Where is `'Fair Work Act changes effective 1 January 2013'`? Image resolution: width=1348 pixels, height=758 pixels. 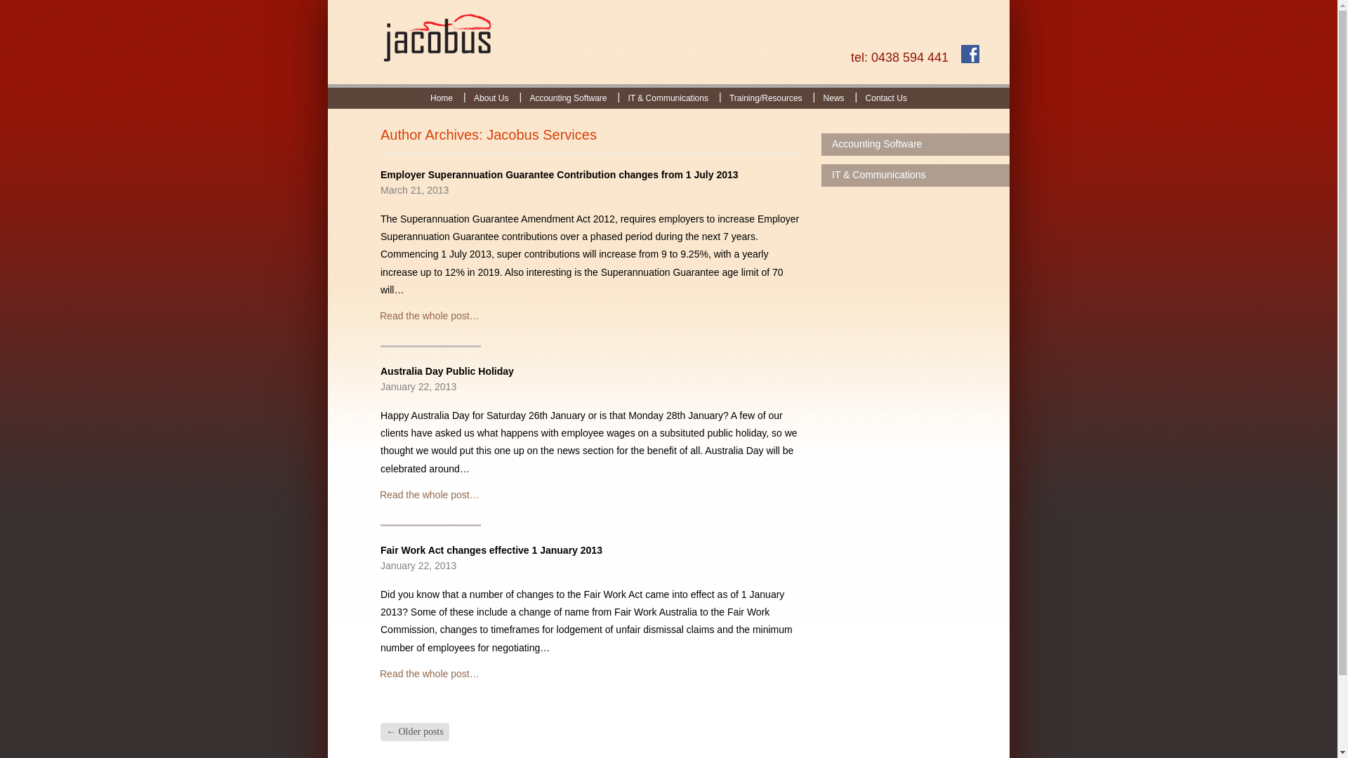 'Fair Work Act changes effective 1 January 2013' is located at coordinates (491, 549).